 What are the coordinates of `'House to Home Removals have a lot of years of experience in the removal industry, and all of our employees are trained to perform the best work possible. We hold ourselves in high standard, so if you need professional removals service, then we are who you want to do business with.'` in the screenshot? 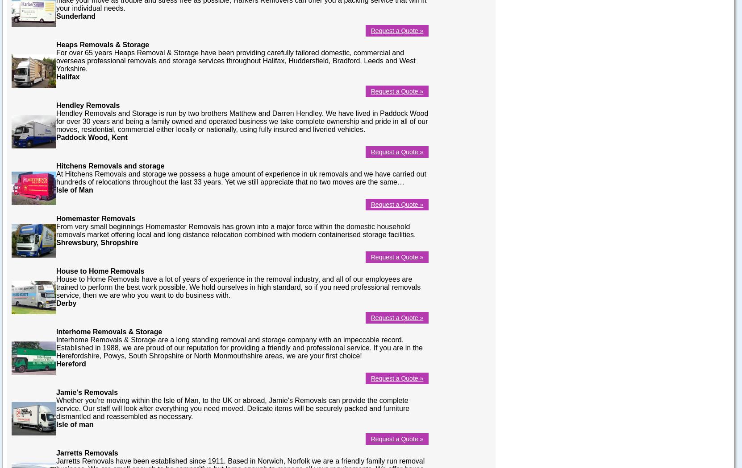 It's located at (238, 286).